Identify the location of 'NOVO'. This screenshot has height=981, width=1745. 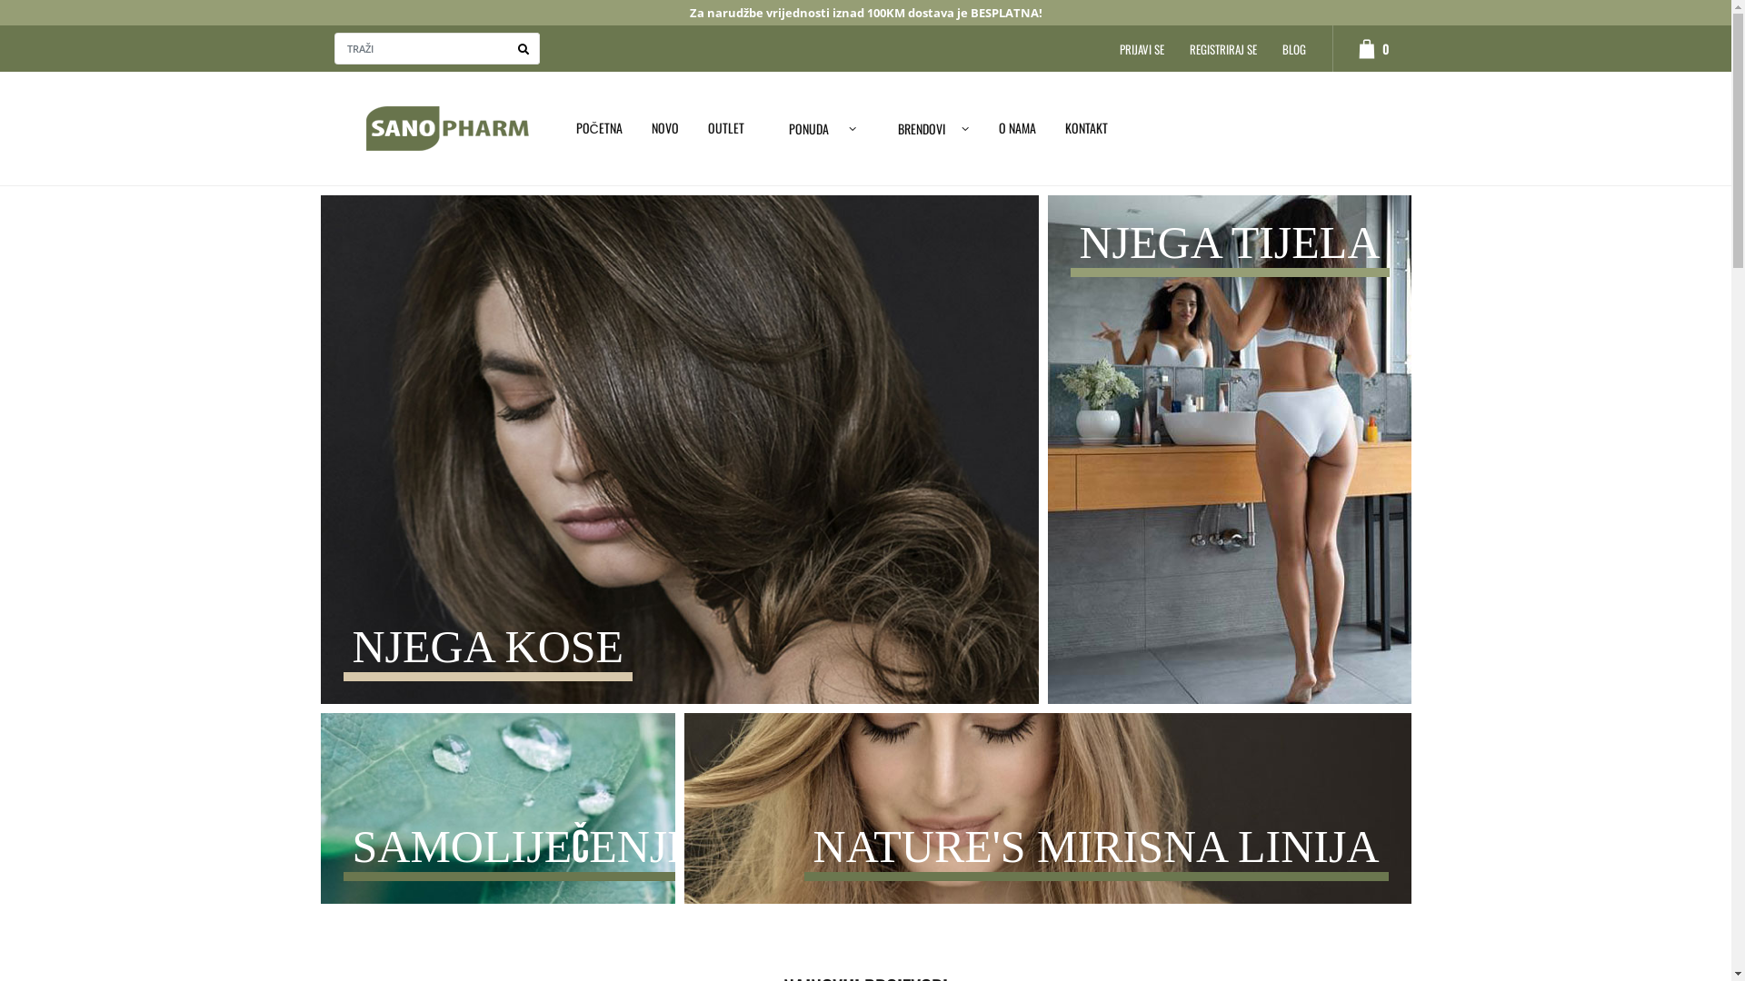
(663, 126).